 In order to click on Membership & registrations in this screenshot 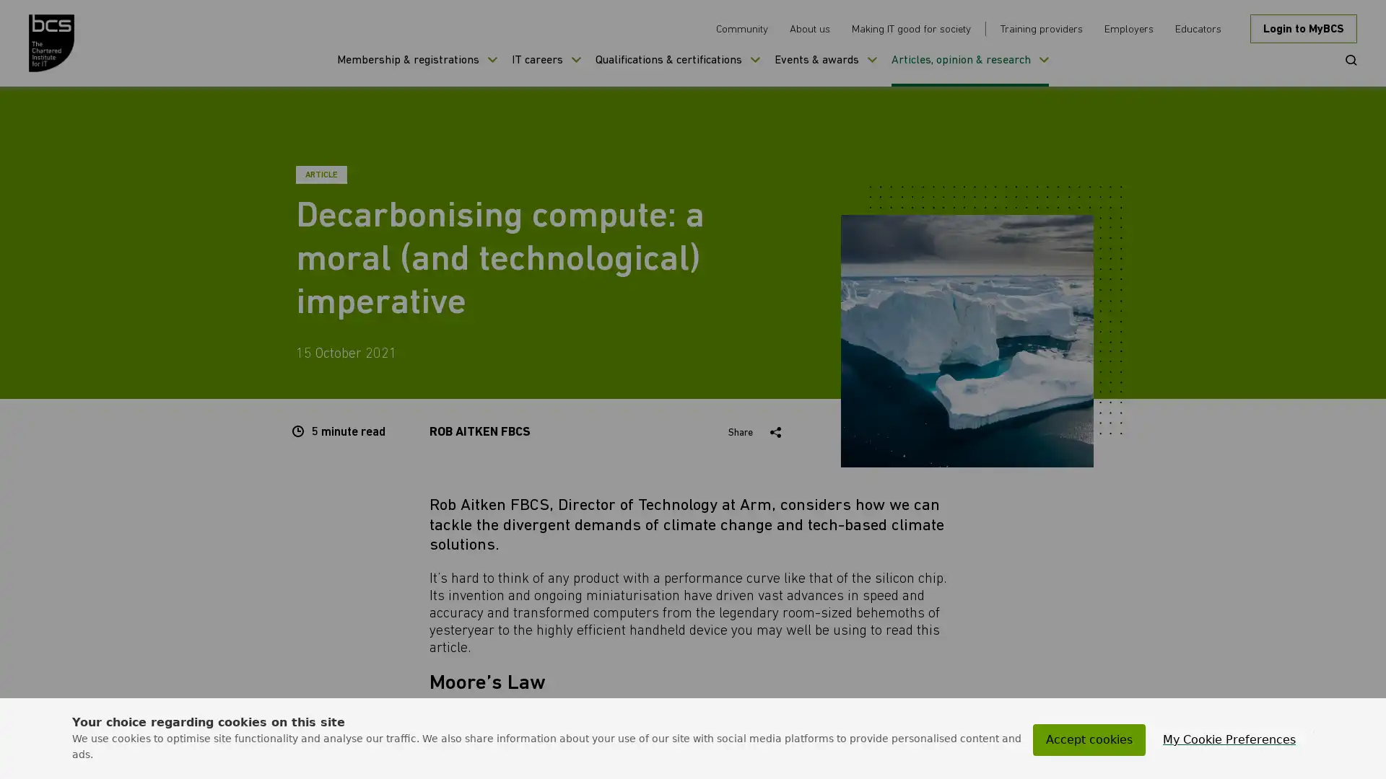, I will do `click(416, 69)`.